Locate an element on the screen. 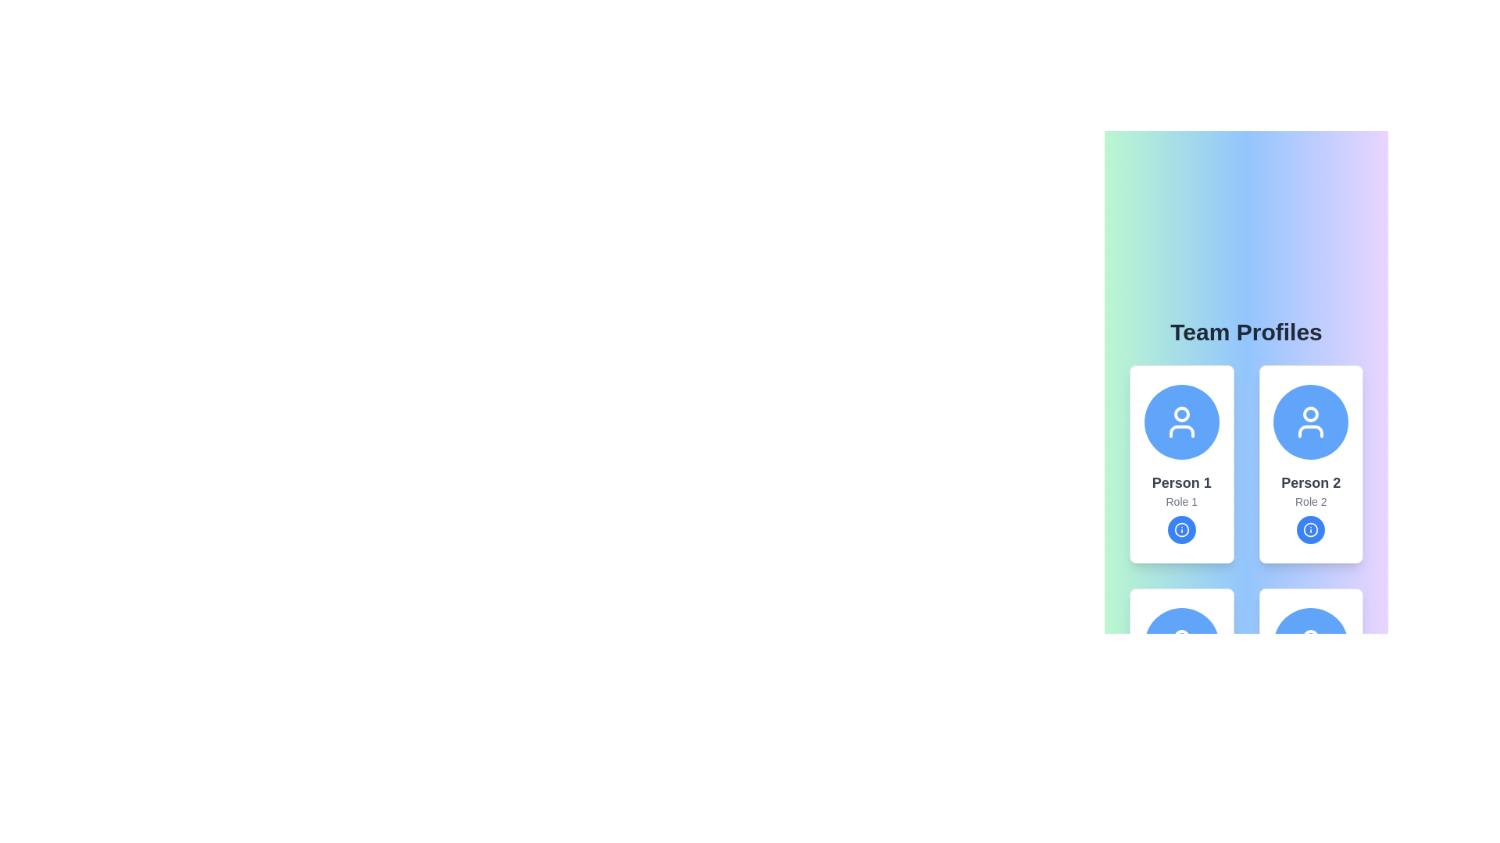 The height and width of the screenshot is (843, 1500). text content of the identifier label for the individual, located in the lower-middle section of the profile card, above 'Role 1' and below the avatar icon is located at coordinates (1181, 482).